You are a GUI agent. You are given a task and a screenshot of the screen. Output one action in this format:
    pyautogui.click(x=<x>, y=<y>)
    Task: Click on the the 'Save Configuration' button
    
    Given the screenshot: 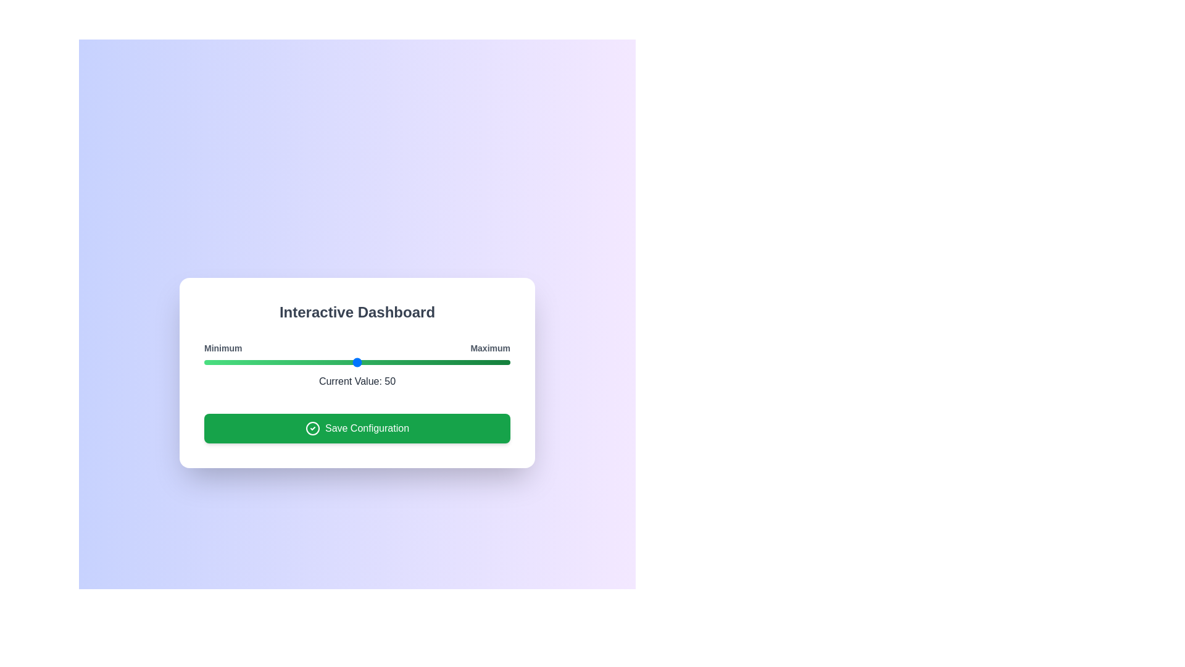 What is the action you would take?
    pyautogui.click(x=357, y=428)
    